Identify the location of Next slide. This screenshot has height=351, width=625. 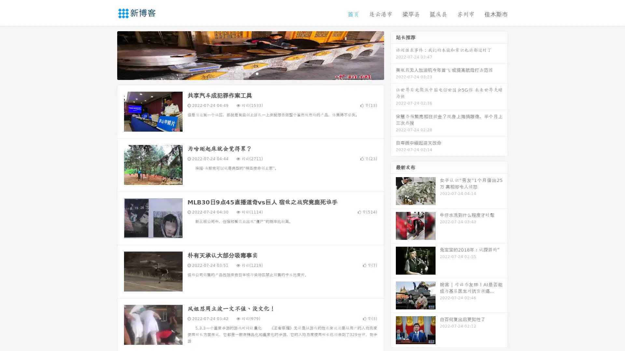
(393, 55).